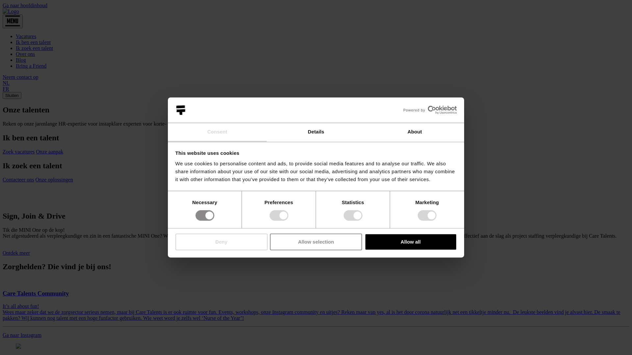 This screenshot has width=632, height=355. I want to click on 'Onze oplossingen', so click(54, 179).